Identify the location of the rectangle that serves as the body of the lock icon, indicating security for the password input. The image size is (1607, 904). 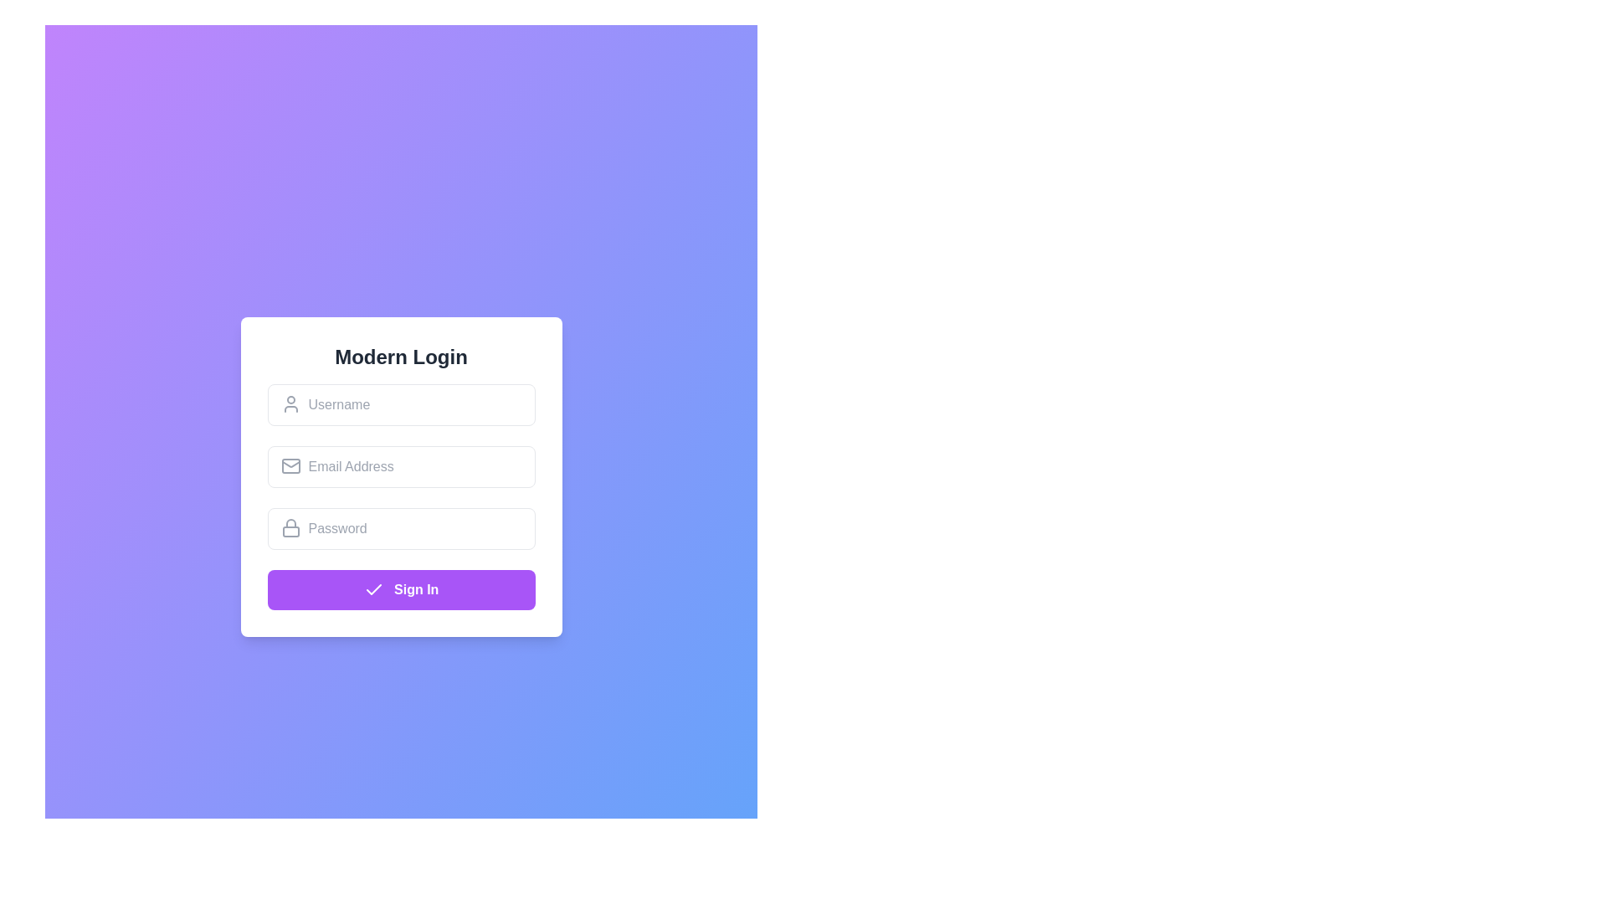
(290, 532).